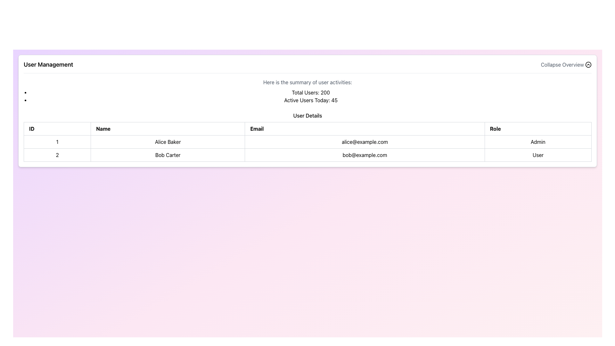 This screenshot has height=346, width=615. What do you see at coordinates (588, 64) in the screenshot?
I see `the chevron icon inside a circle located to the right of the 'Collapse Overview' label to provide a tooltip or indication` at bounding box center [588, 64].